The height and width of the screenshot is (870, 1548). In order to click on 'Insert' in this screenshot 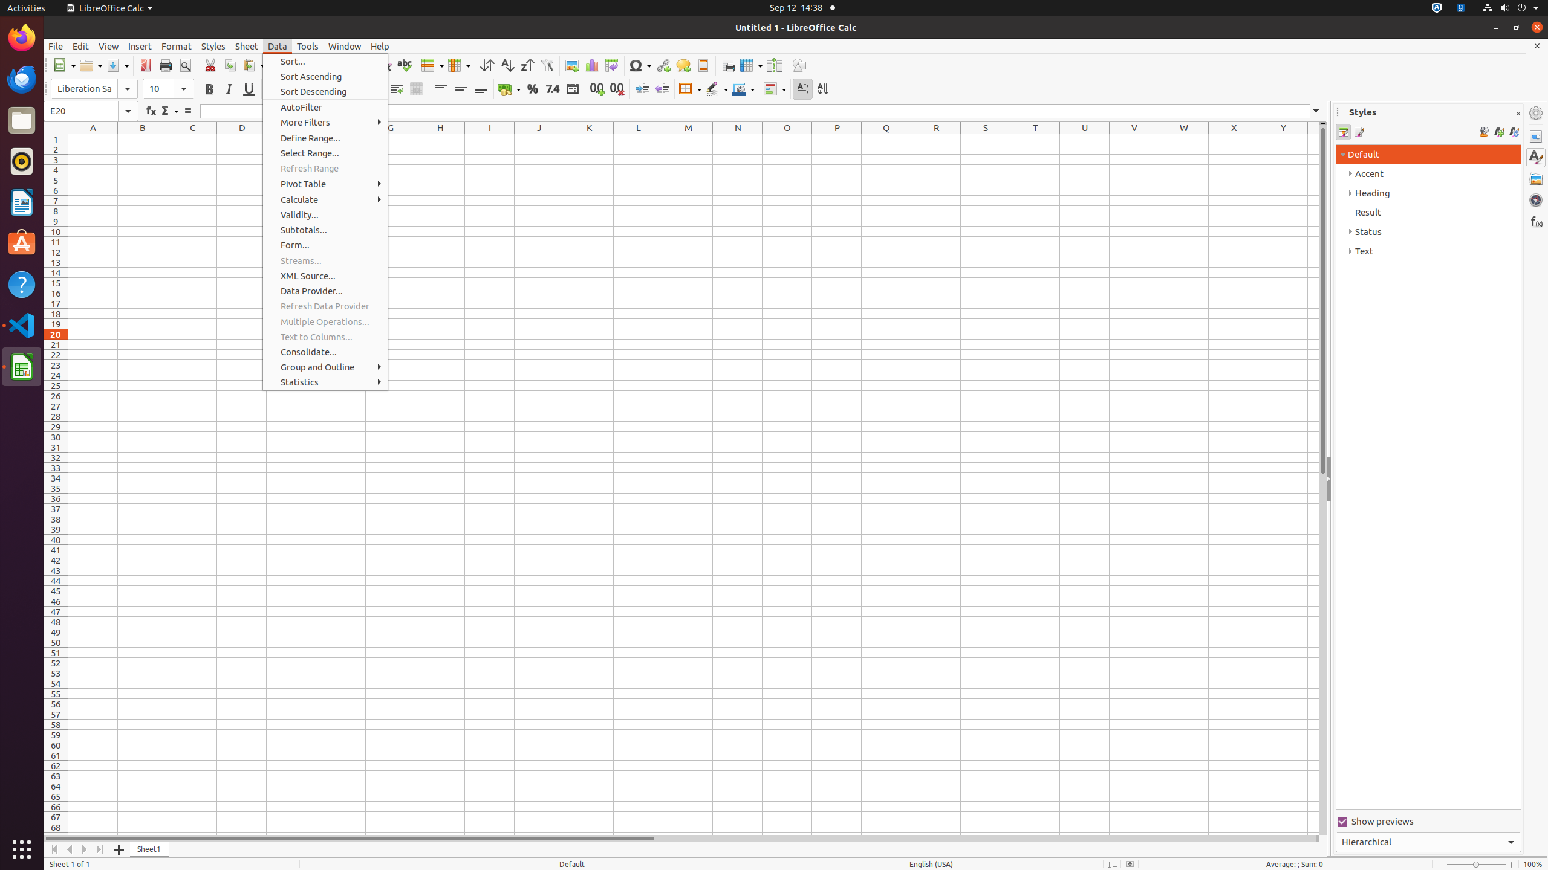, I will do `click(140, 46)`.